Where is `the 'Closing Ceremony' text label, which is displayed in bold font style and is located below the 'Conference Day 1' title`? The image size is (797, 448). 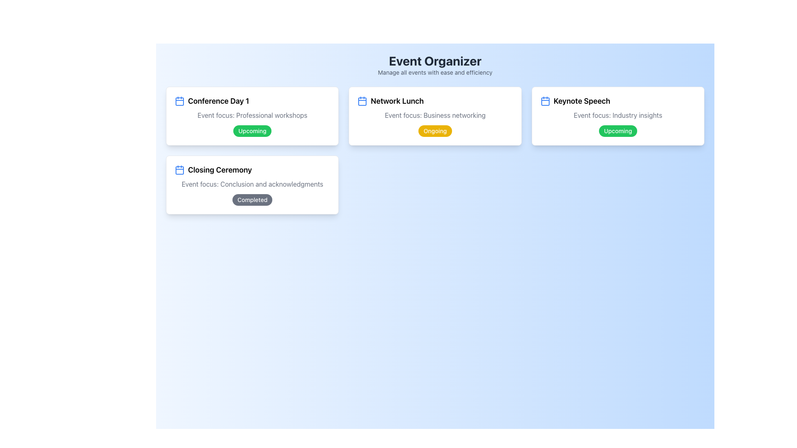 the 'Closing Ceremony' text label, which is displayed in bold font style and is located below the 'Conference Day 1' title is located at coordinates (220, 169).